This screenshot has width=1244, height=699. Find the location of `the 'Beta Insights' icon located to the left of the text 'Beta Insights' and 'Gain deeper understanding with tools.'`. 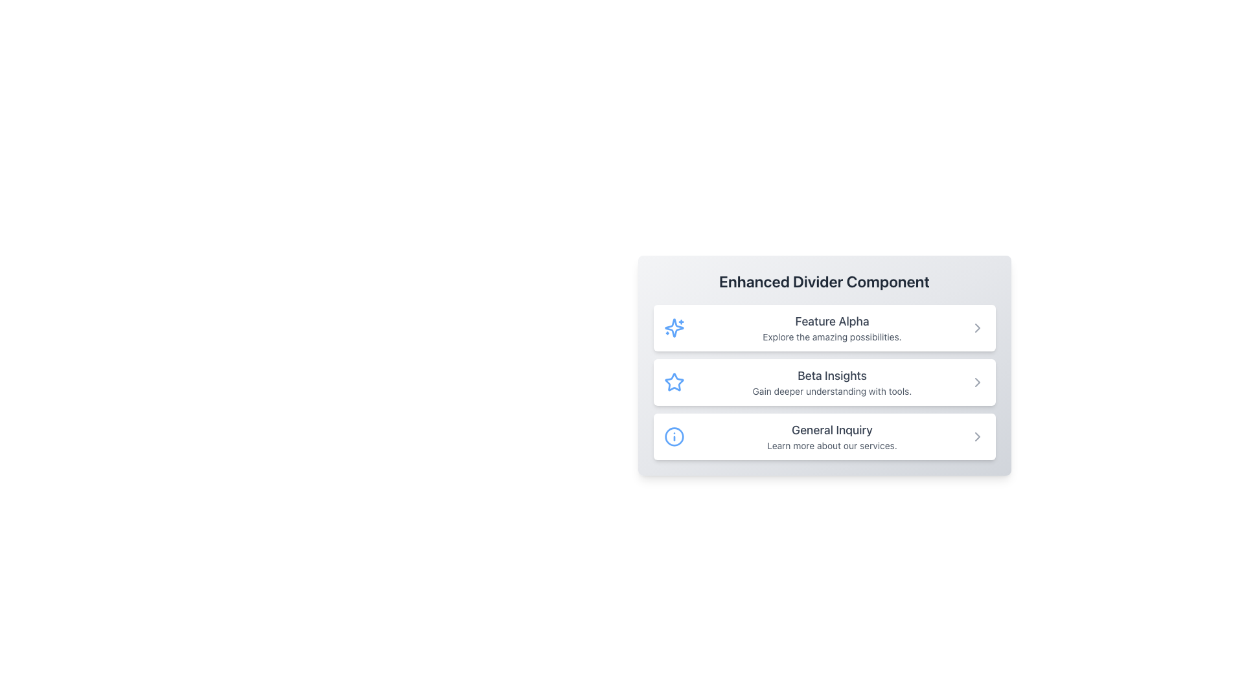

the 'Beta Insights' icon located to the left of the text 'Beta Insights' and 'Gain deeper understanding with tools.' is located at coordinates (674, 381).